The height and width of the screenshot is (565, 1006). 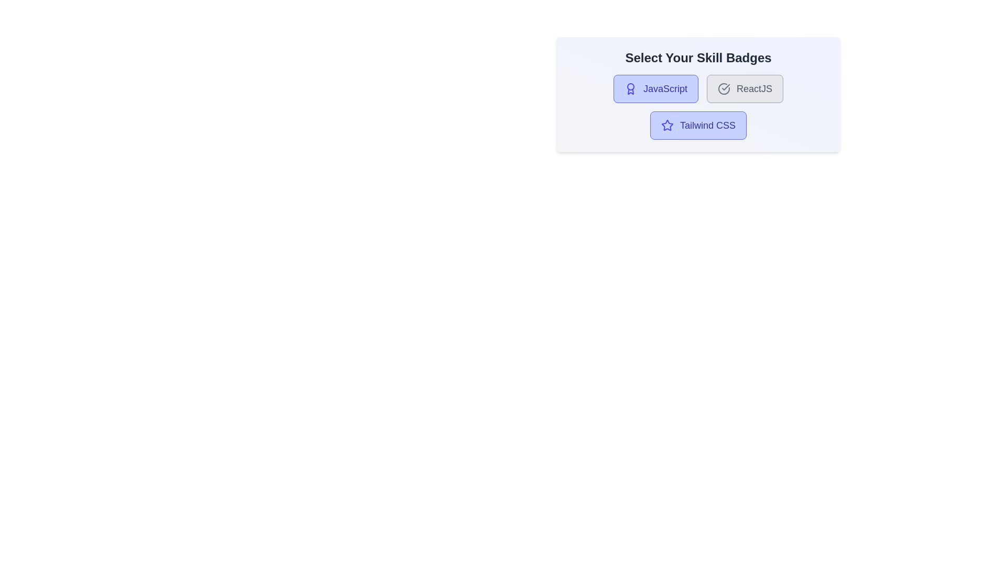 I want to click on the skill badge ReactJS, so click(x=744, y=88).